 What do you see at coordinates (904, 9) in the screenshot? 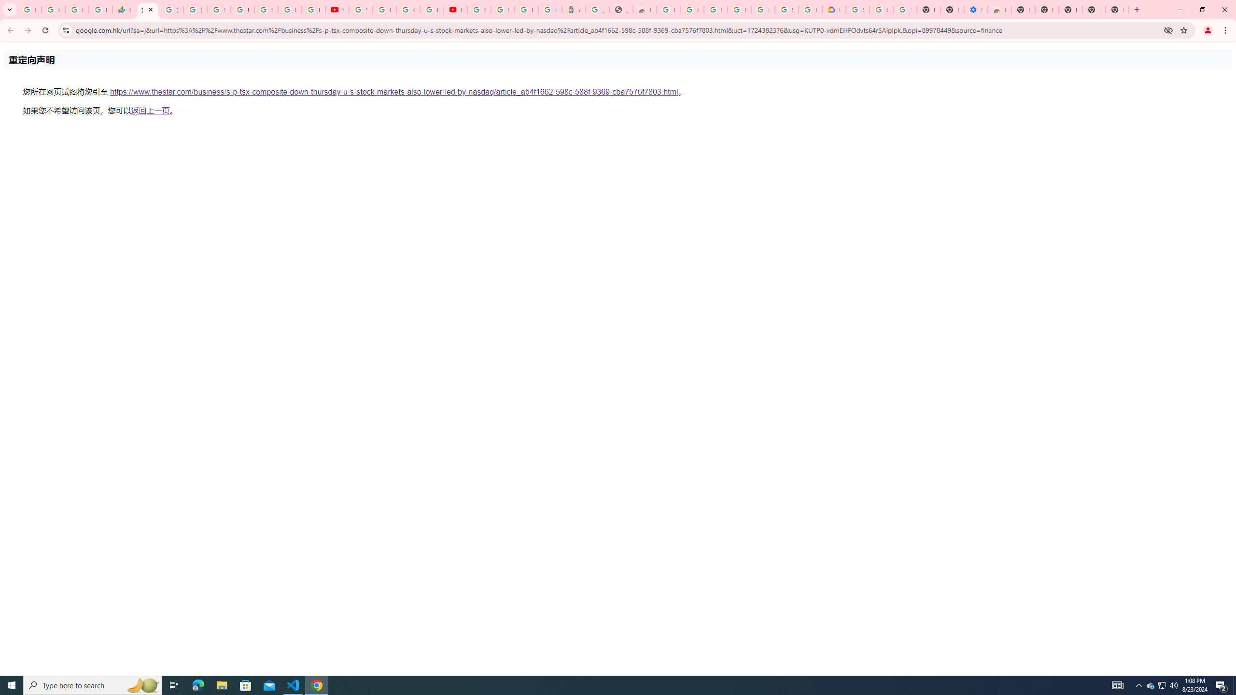
I see `'Turn cookies on or off - Computer - Google Account Help'` at bounding box center [904, 9].